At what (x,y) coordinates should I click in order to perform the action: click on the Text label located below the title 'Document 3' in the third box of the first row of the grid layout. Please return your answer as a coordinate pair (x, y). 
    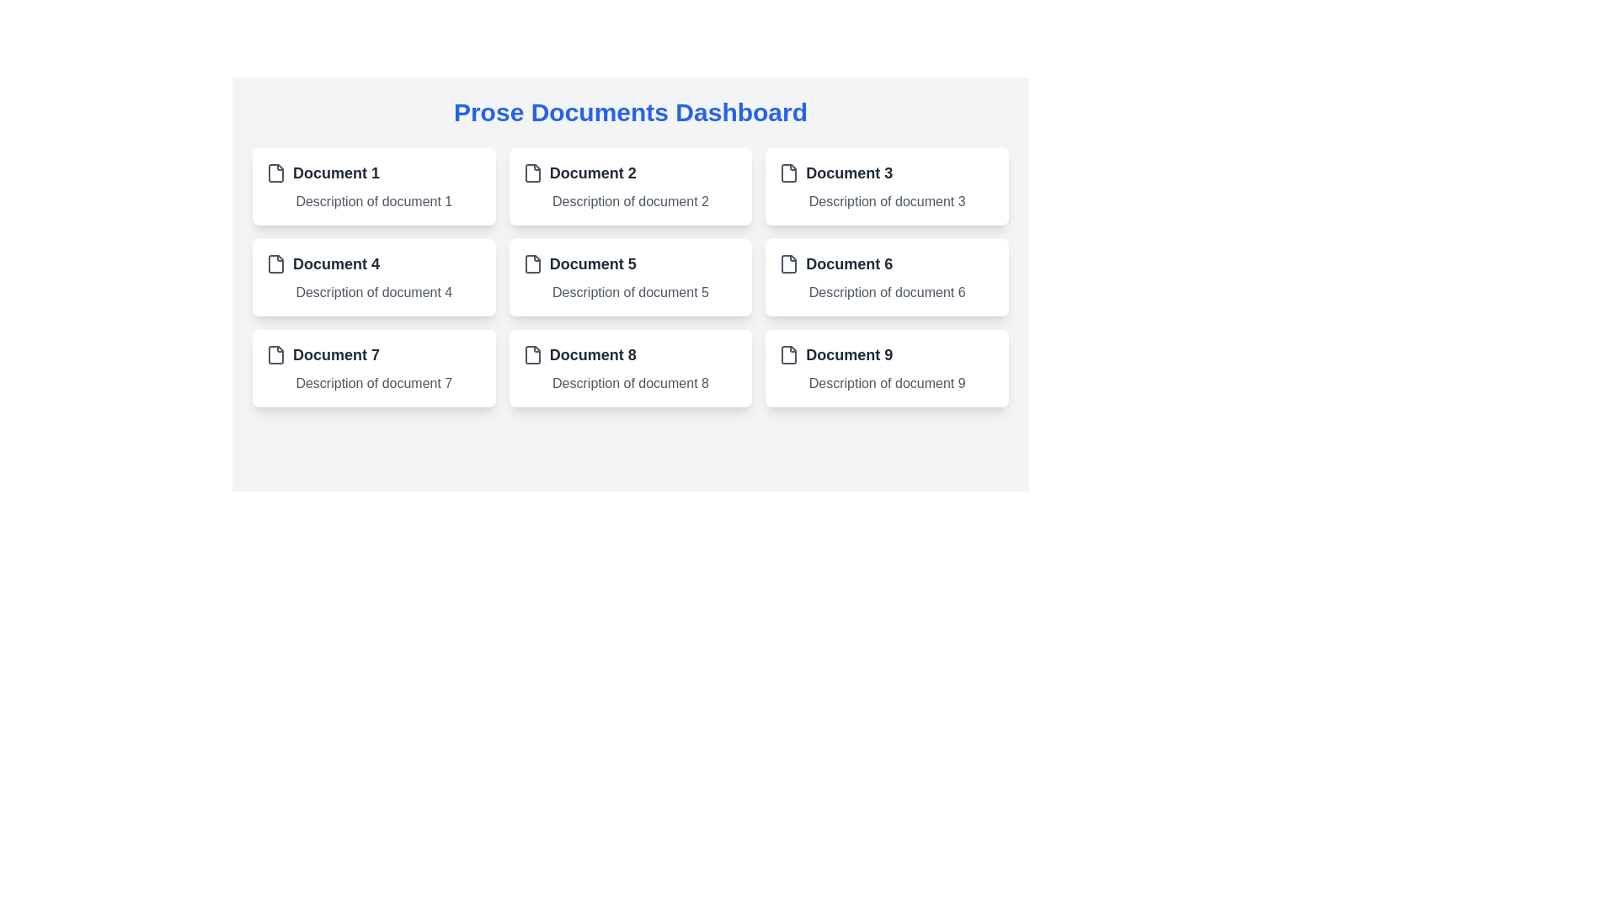
    Looking at the image, I should click on (886, 200).